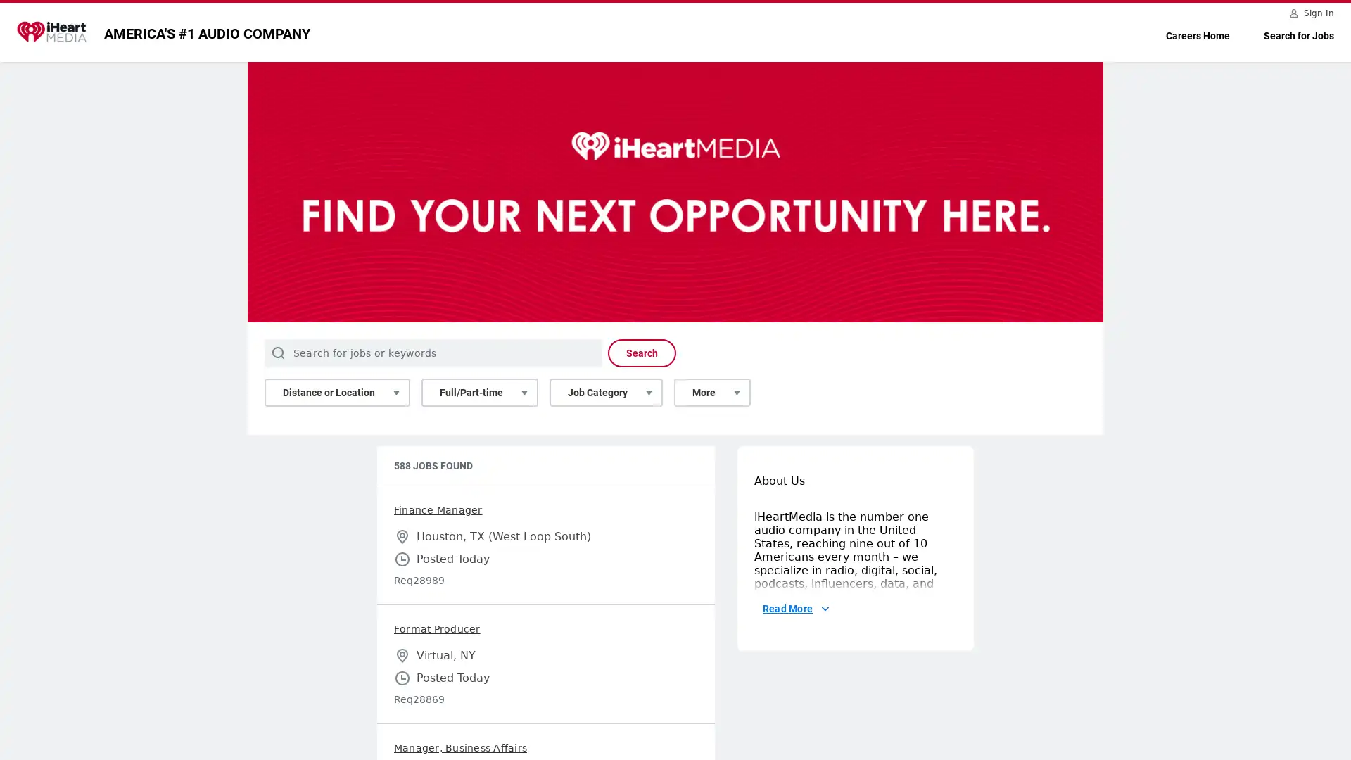 This screenshot has height=760, width=1351. Describe the element at coordinates (479, 393) in the screenshot. I see `Full/Part-time` at that location.